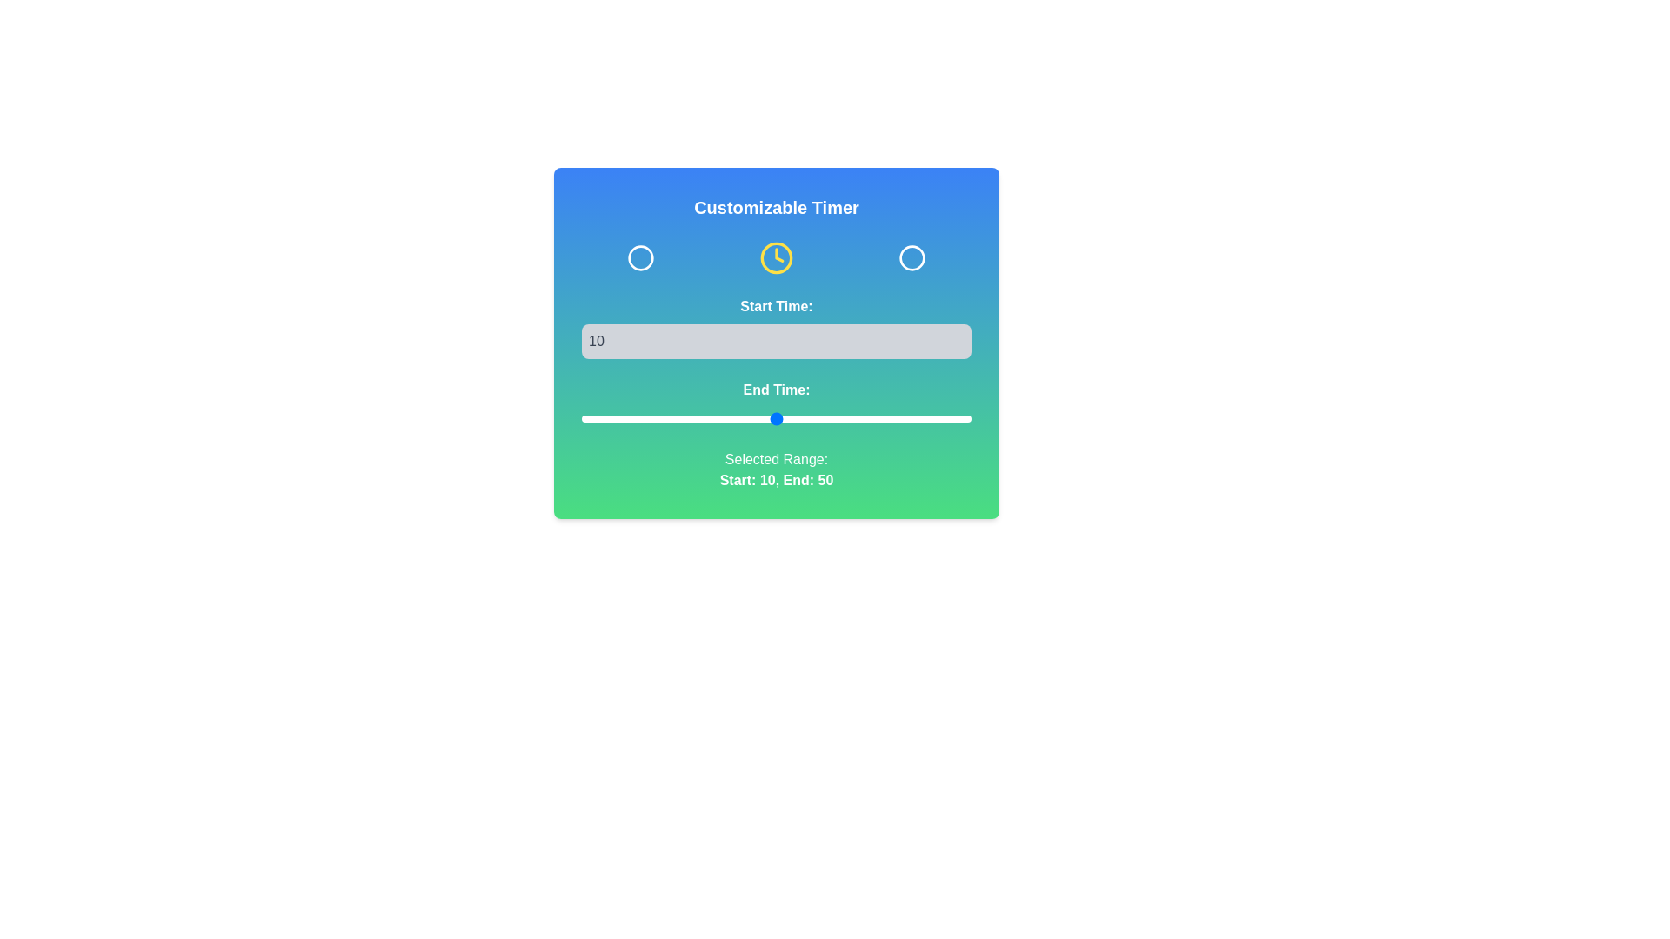  Describe the element at coordinates (775, 258) in the screenshot. I see `the Circular SVG graphic resembling a clock, which has a yellow border and clock hands, located in the upper portion of the interface below the title 'Customizable Timer'` at that location.